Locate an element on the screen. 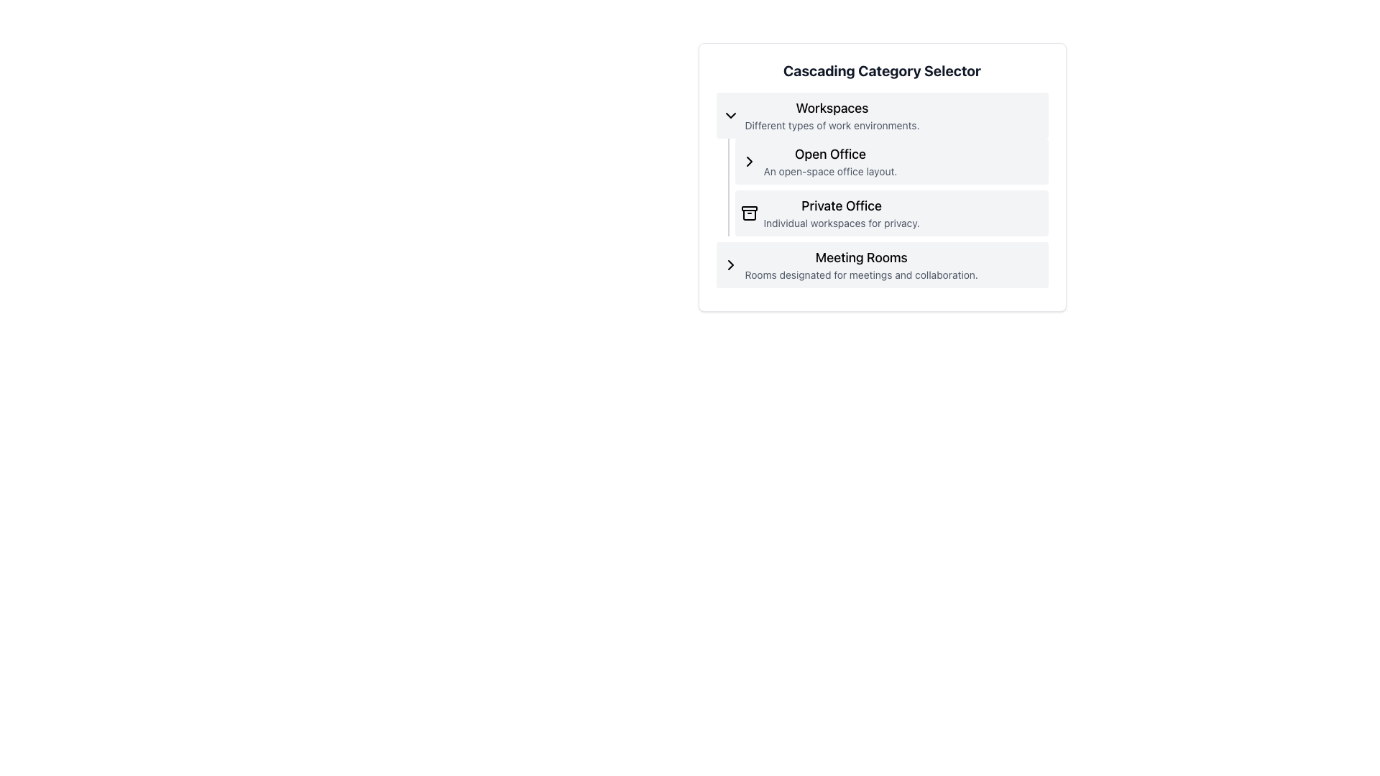 This screenshot has width=1380, height=776. the thin horizontal bar at the top of the archive icon, which has a black outline and a white fill, located left of the 'Private Office' label is located at coordinates (748, 208).